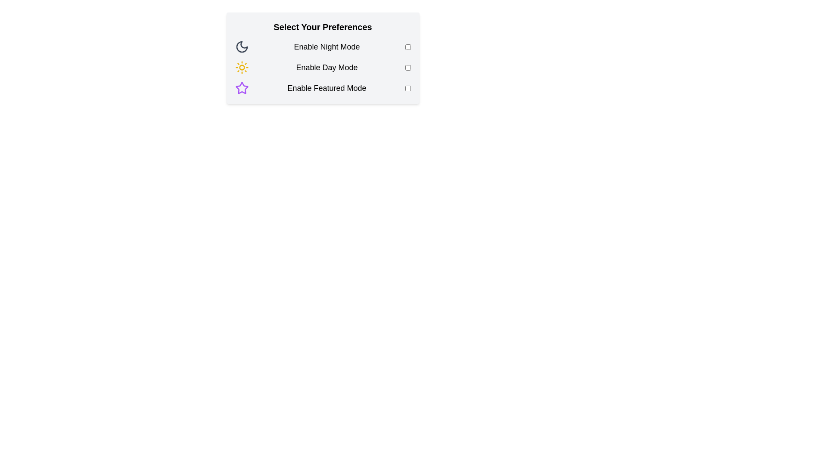 This screenshot has width=827, height=465. Describe the element at coordinates (326, 67) in the screenshot. I see `the 'Enable Day Mode' text label, which is displayed in a bold and moderately large font, positioned in the second row with a sun icon to its left and a checkbox to its right` at that location.